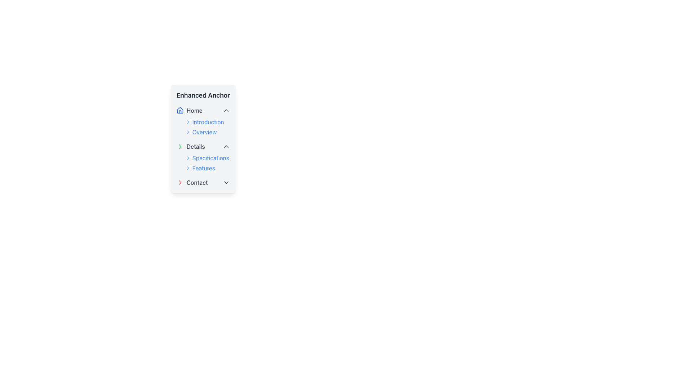 This screenshot has width=692, height=389. What do you see at coordinates (226, 111) in the screenshot?
I see `the chevron-up button next to the 'Home' navigation label` at bounding box center [226, 111].